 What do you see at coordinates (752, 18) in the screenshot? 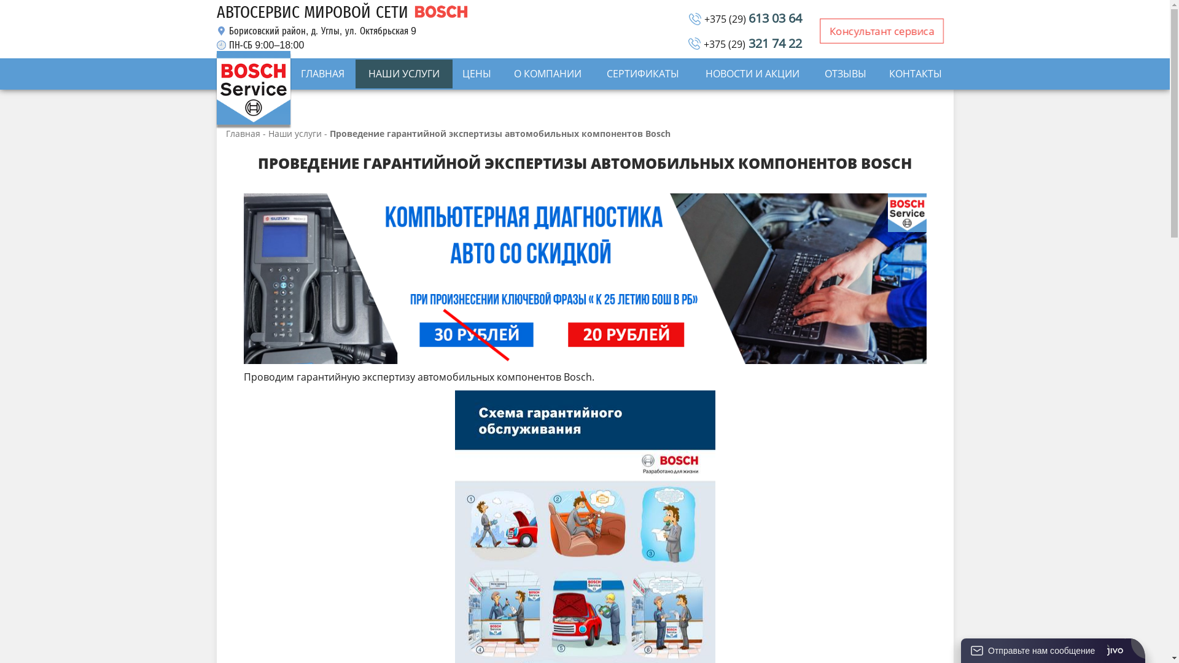
I see `'+375 (29) 613 03 64'` at bounding box center [752, 18].